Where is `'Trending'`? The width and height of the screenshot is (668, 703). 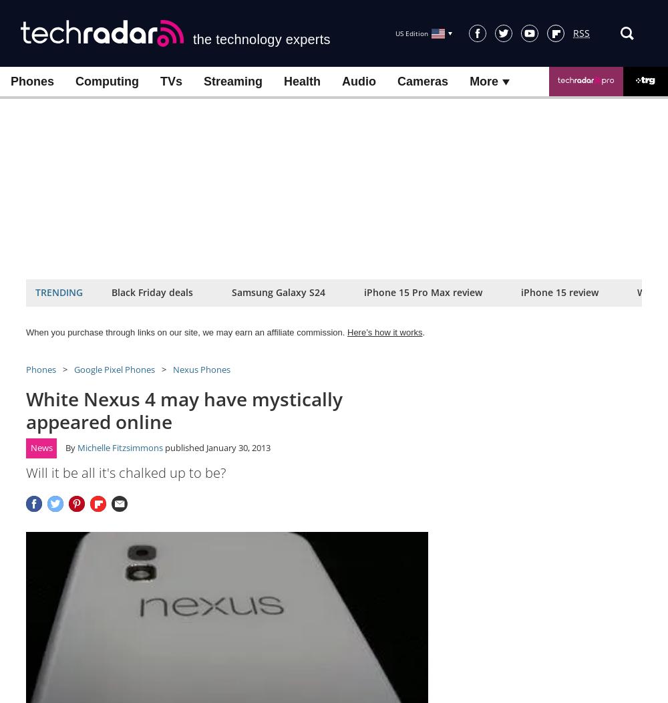 'Trending' is located at coordinates (58, 291).